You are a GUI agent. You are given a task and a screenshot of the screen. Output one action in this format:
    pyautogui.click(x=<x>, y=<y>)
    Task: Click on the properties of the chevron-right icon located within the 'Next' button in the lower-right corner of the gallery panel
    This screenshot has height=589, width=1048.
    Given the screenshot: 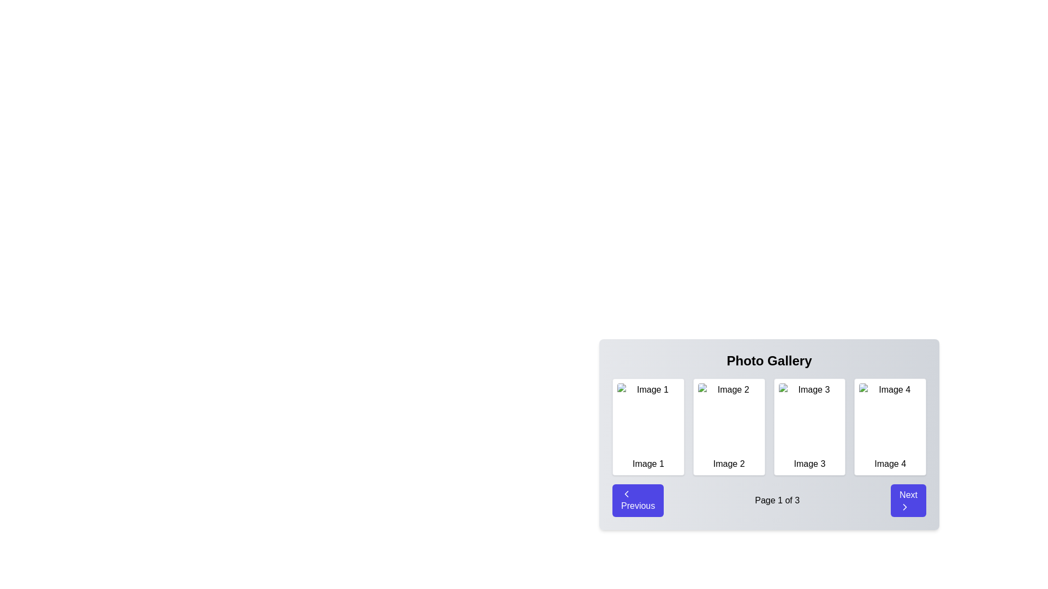 What is the action you would take?
    pyautogui.click(x=905, y=507)
    